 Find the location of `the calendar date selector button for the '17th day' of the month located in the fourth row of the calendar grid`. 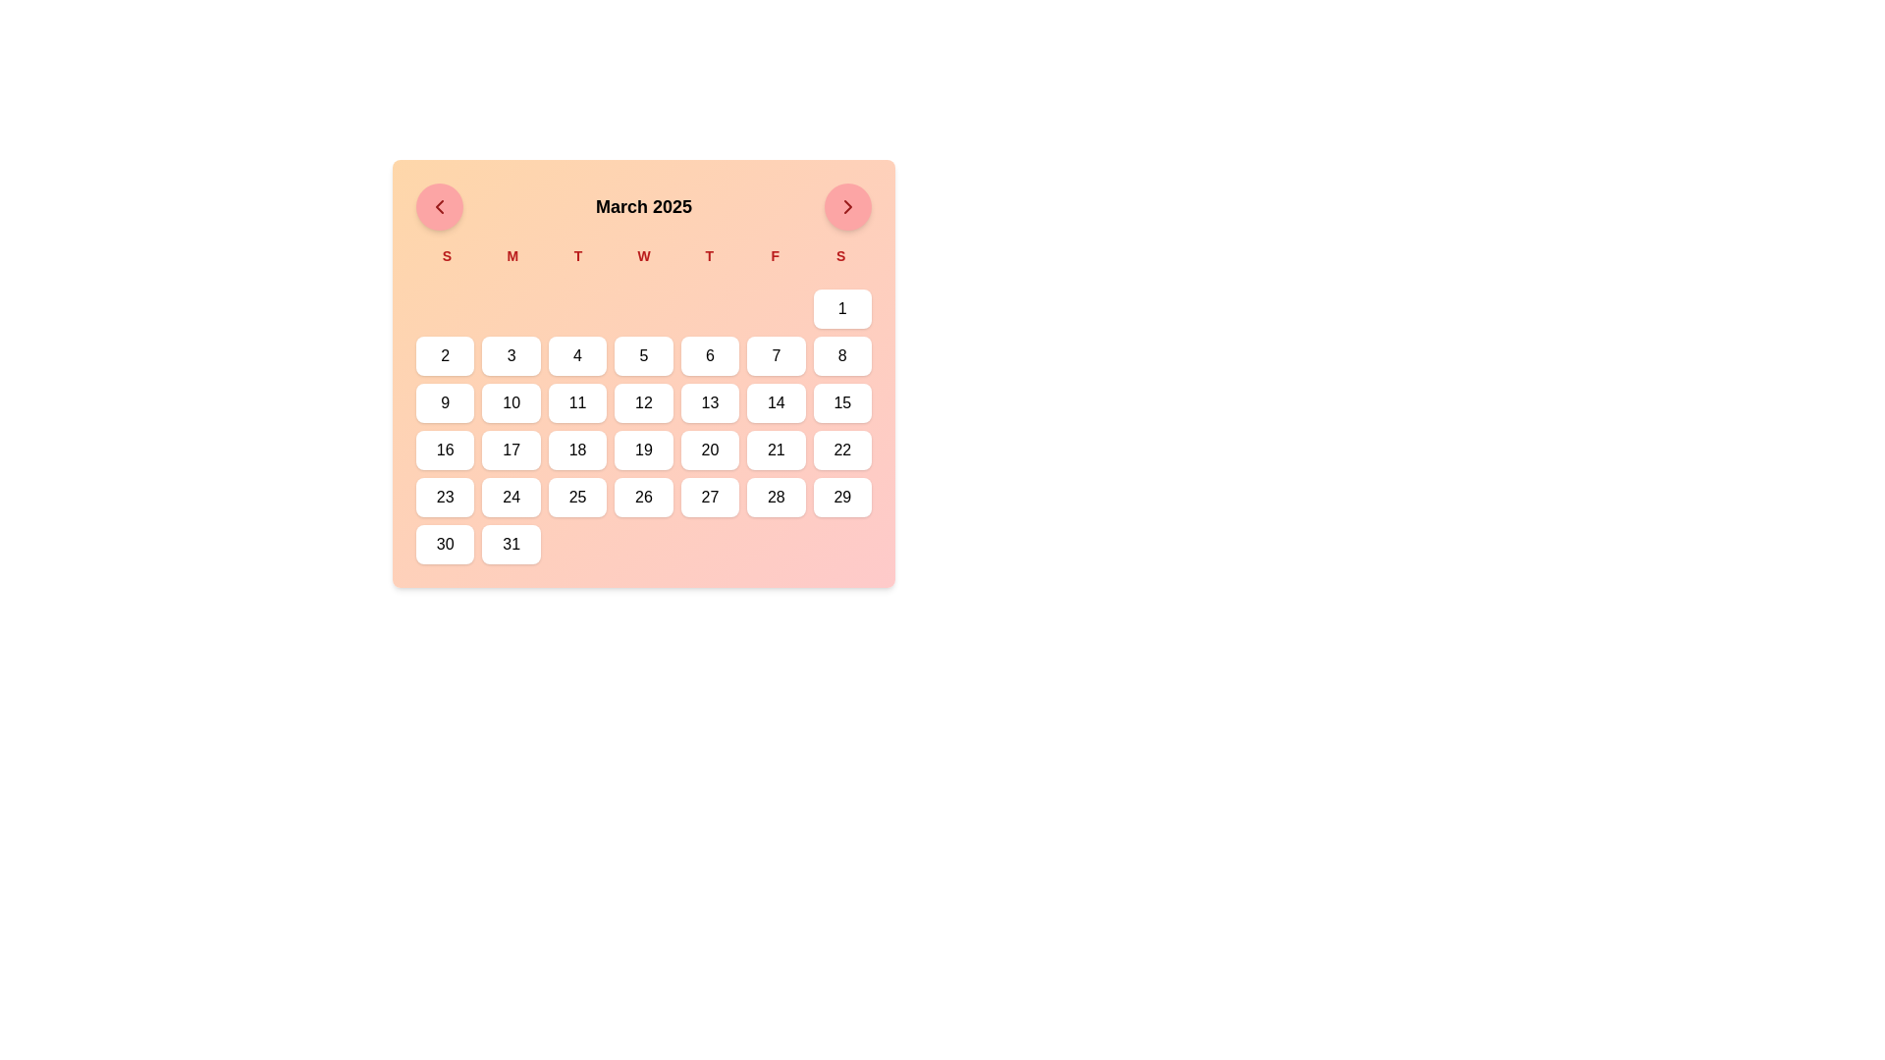

the calendar date selector button for the '17th day' of the month located in the fourth row of the calendar grid is located at coordinates (512, 450).